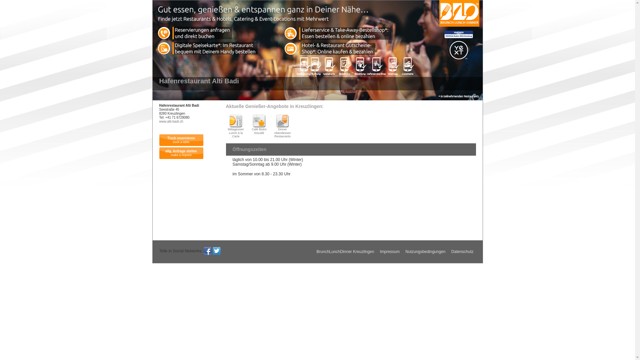 This screenshot has width=640, height=360. I want to click on 'allg. Anfrage stellen, so click(181, 153).